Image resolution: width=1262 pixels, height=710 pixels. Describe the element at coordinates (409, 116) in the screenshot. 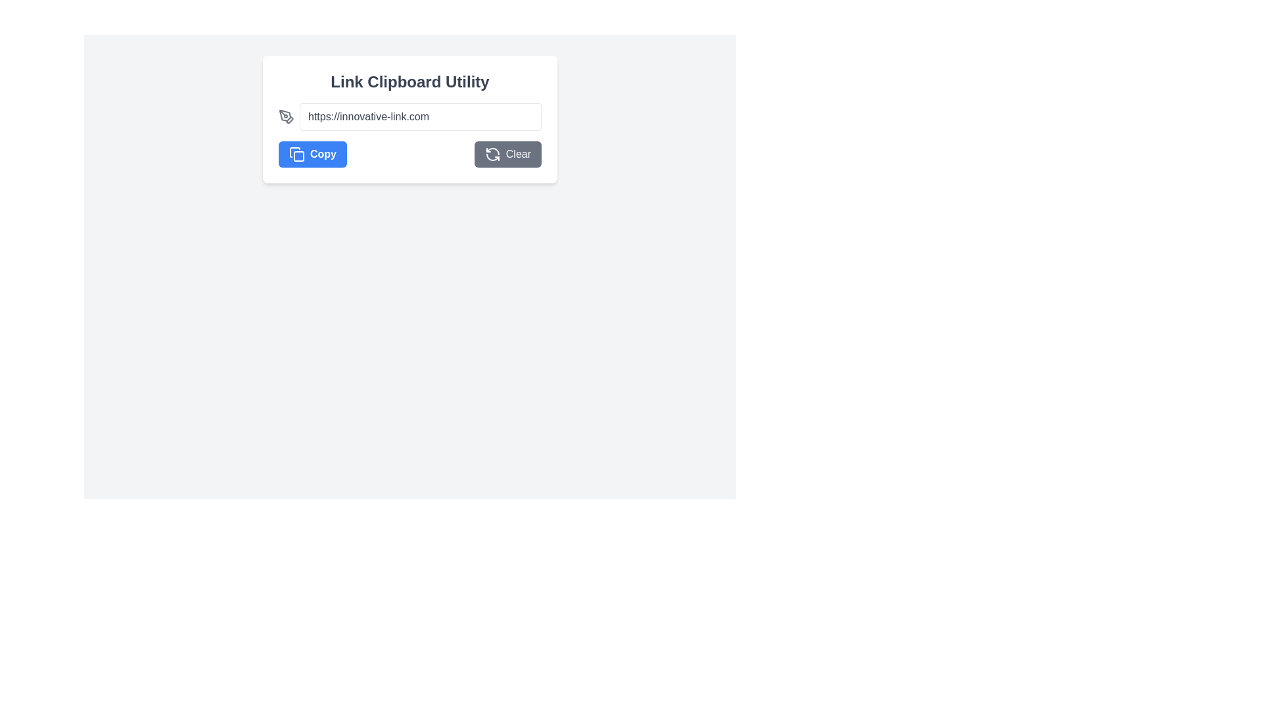

I see `the text input field displaying the URL 'https://innovative-link.com'` at that location.